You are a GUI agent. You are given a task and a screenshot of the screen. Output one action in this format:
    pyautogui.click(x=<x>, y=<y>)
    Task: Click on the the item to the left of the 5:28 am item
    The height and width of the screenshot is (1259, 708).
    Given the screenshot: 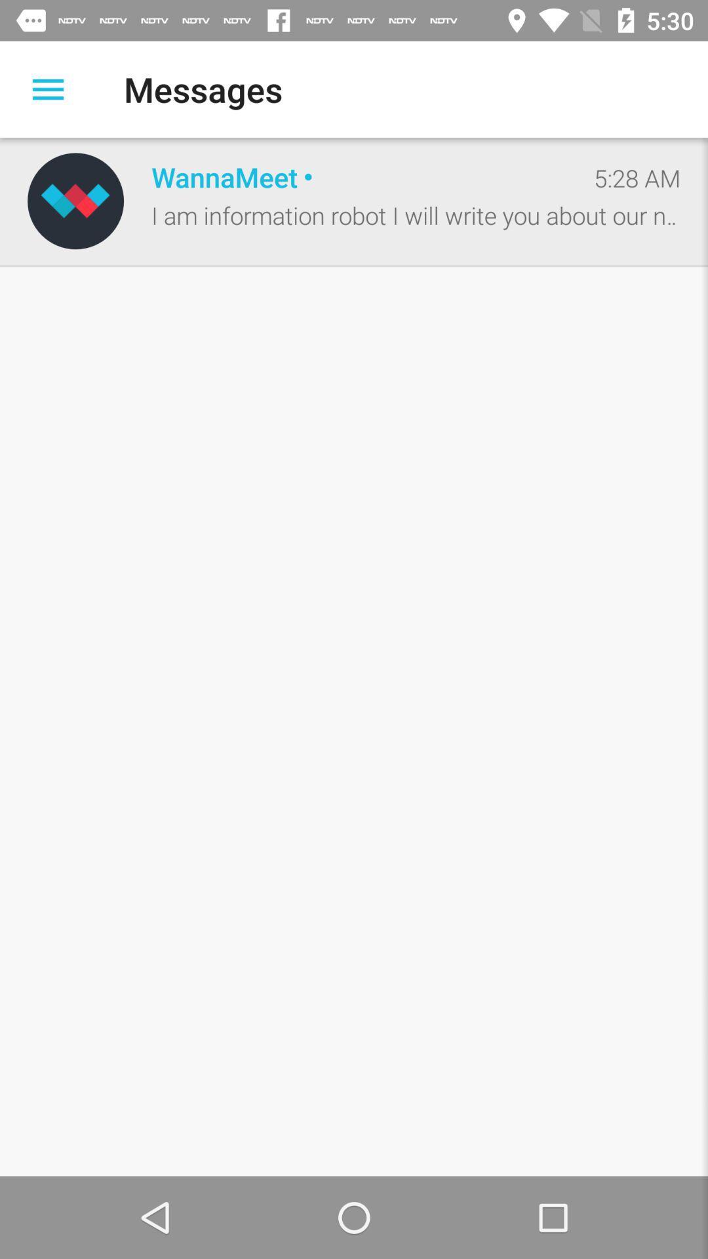 What is the action you would take?
    pyautogui.click(x=359, y=176)
    